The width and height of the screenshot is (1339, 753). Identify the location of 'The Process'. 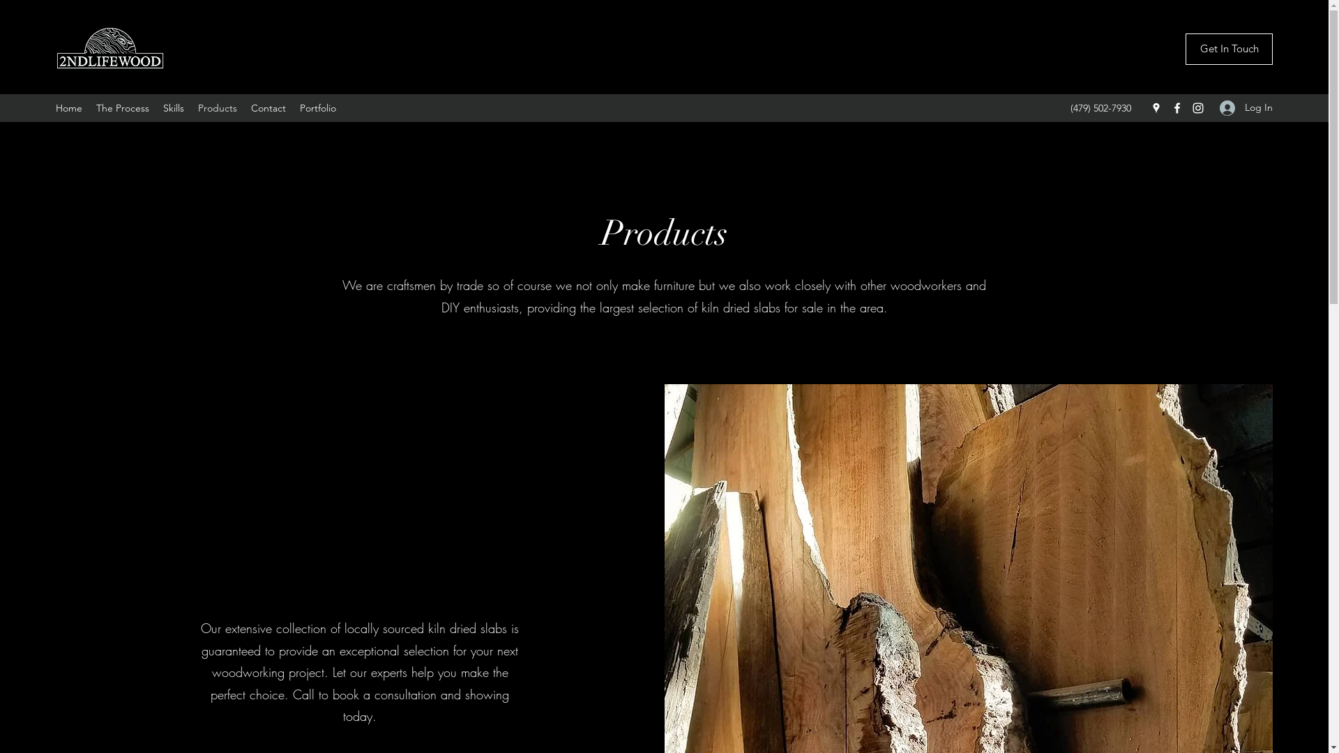
(123, 107).